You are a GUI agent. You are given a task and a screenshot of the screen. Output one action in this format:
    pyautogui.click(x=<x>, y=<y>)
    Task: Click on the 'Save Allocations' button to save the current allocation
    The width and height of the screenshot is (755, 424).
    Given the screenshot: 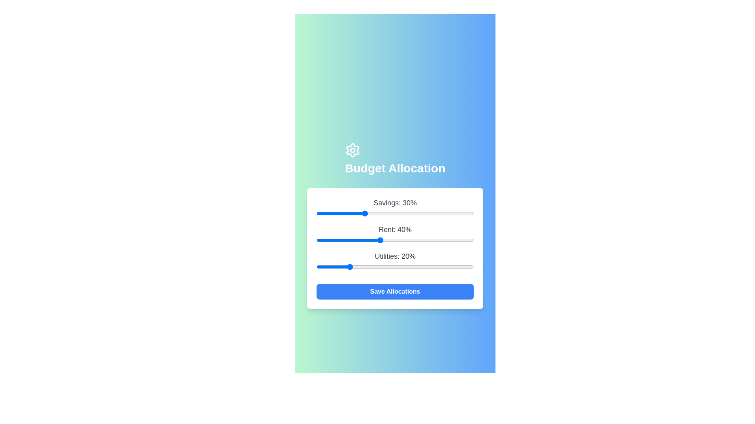 What is the action you would take?
    pyautogui.click(x=395, y=292)
    